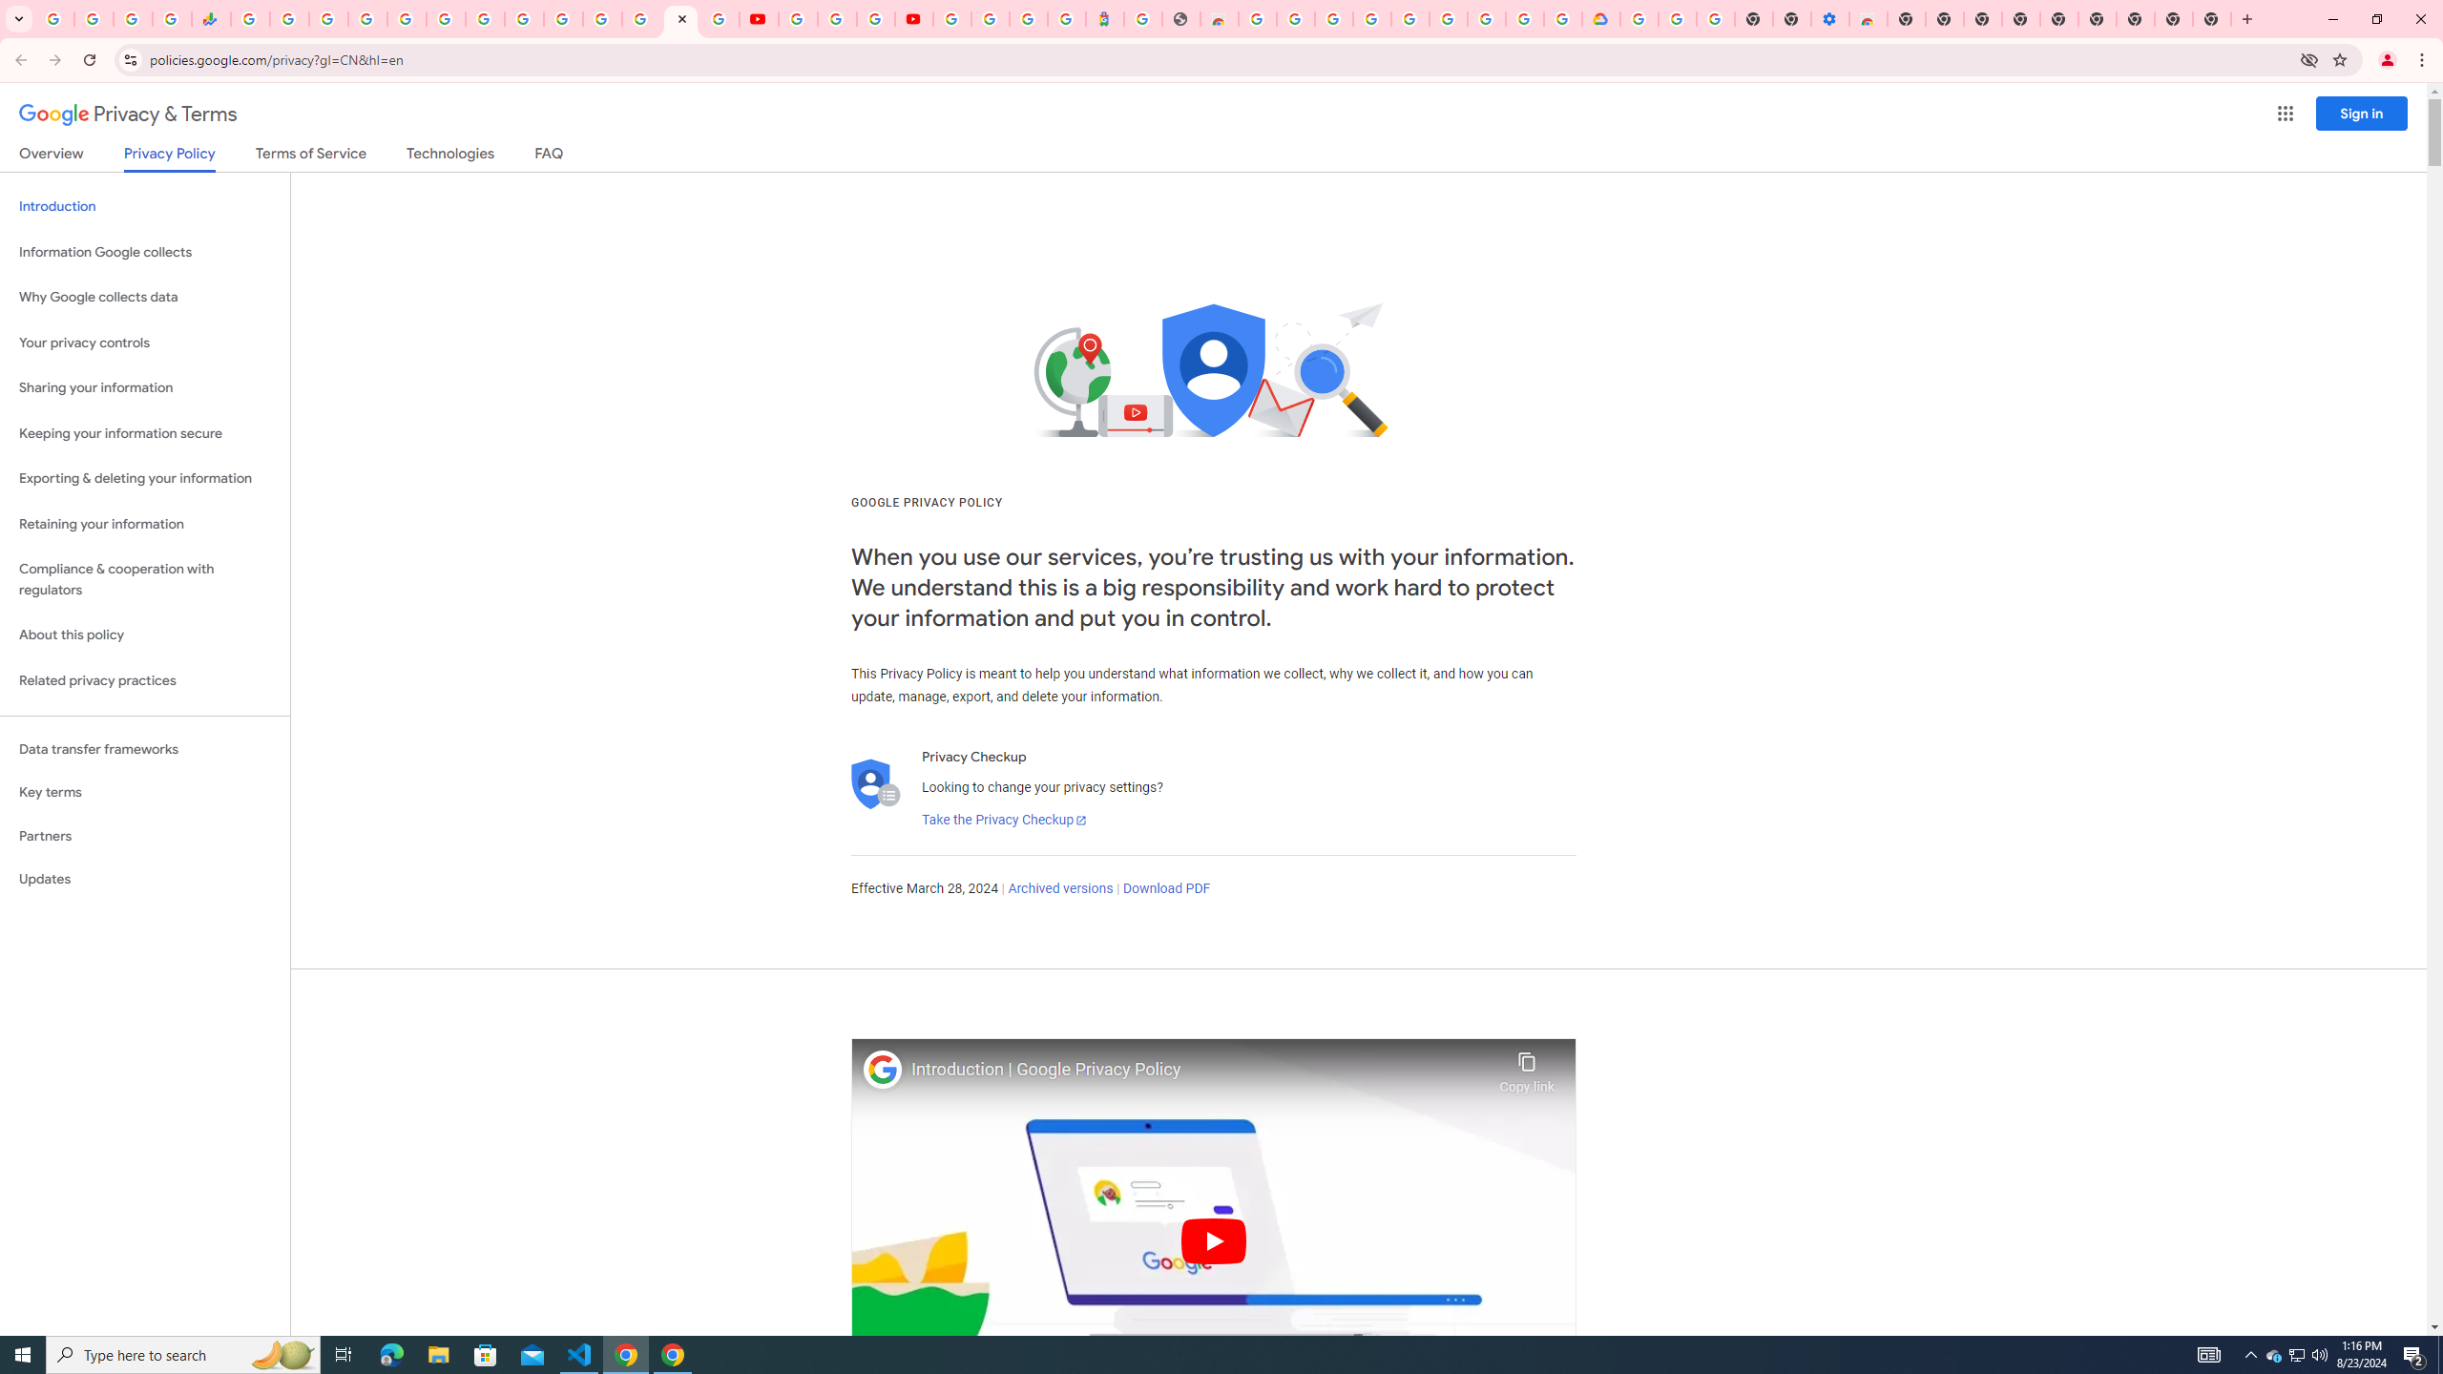 This screenshot has height=1374, width=2443. I want to click on 'Sign in - Google Accounts', so click(366, 18).